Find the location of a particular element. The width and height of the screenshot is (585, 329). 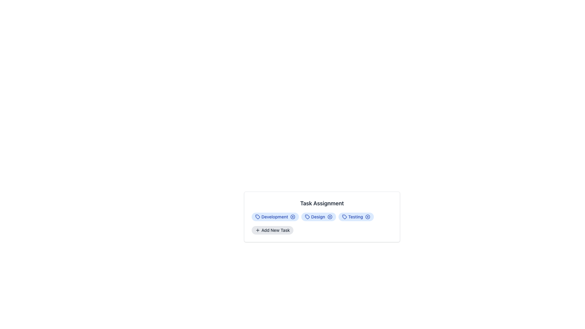

the decorative 'Testing' icon located within the 'Testing' chip in the 'Task Assignment' section is located at coordinates (345, 217).